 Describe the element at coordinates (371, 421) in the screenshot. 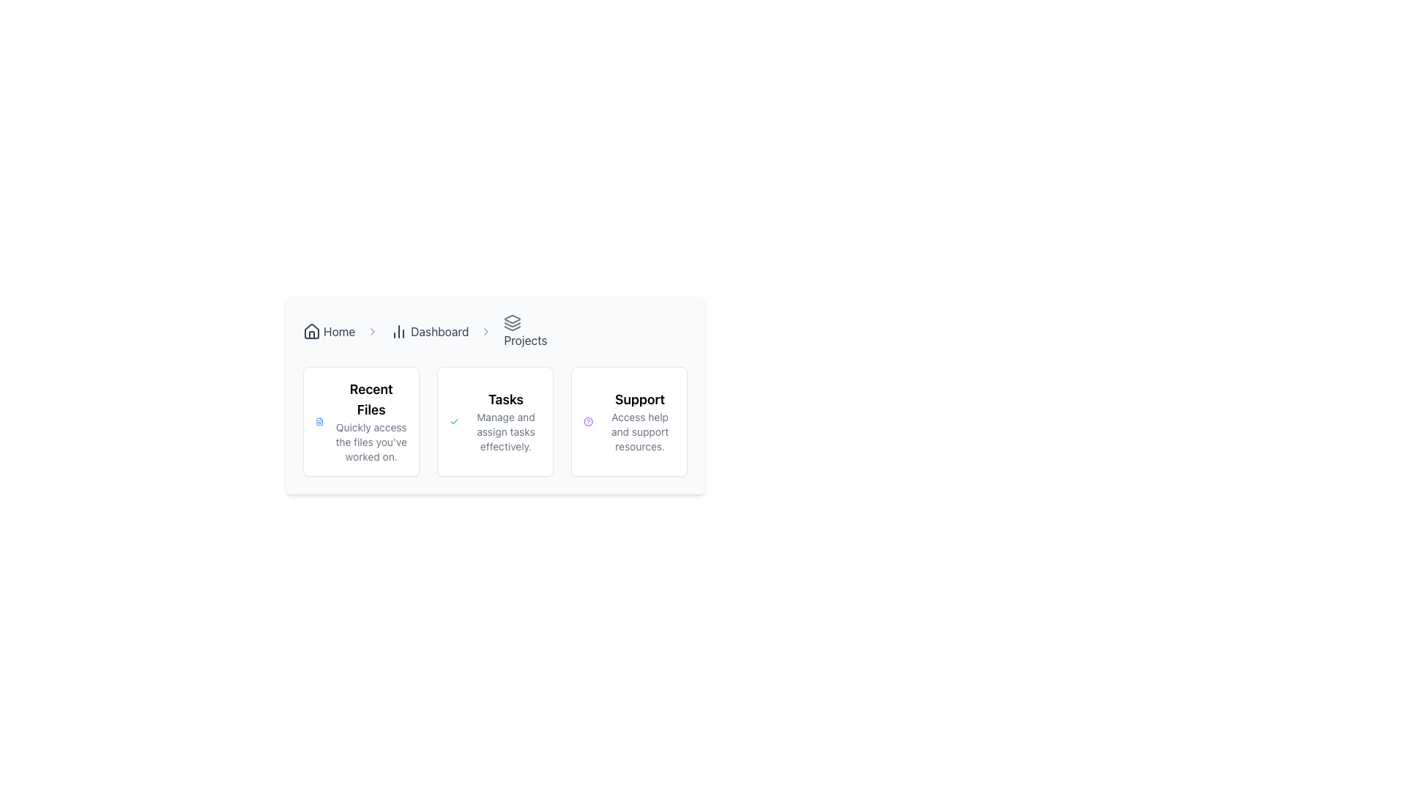

I see `the Text Block with Heading and Description` at that location.